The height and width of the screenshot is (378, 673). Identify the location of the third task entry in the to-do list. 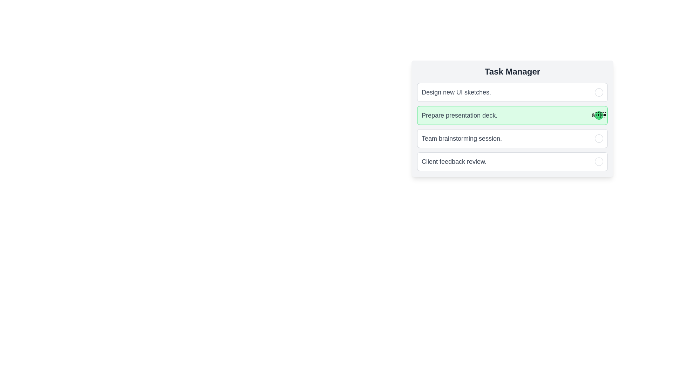
(512, 139).